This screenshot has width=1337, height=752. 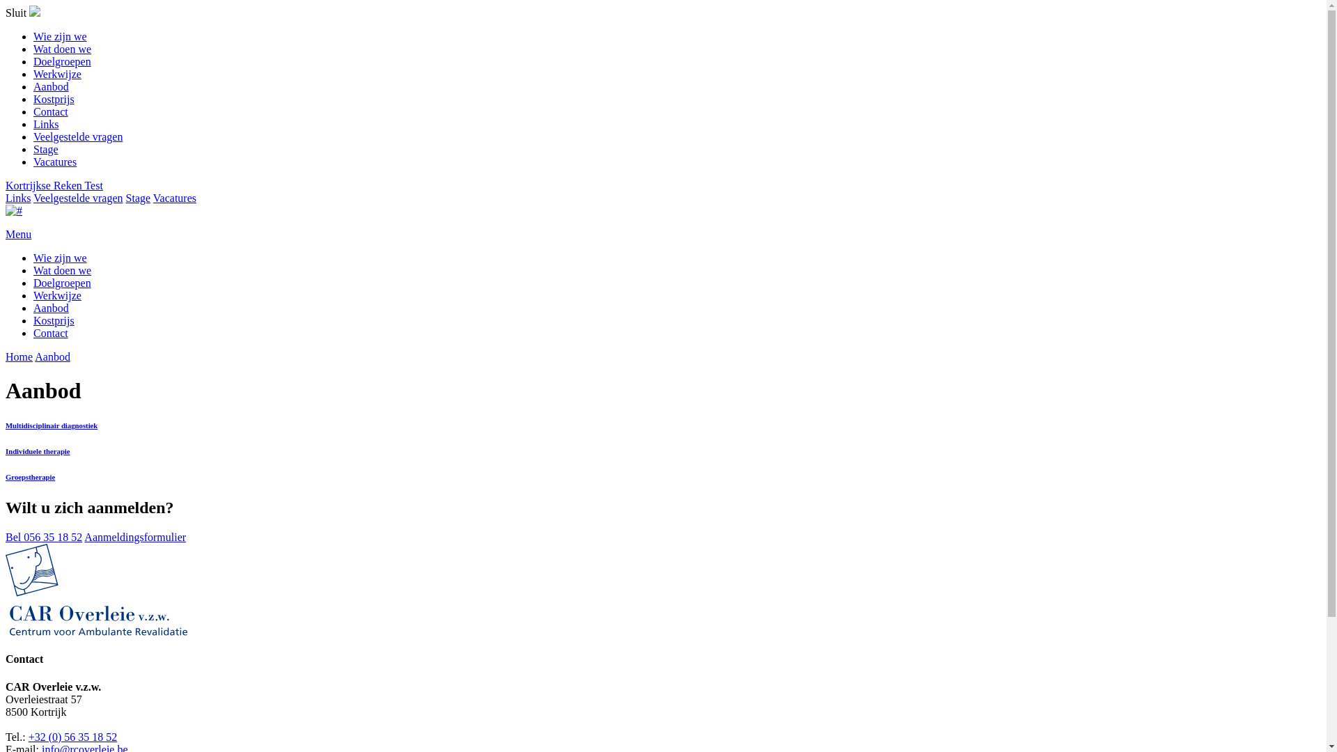 What do you see at coordinates (54, 320) in the screenshot?
I see `'Kostprijs'` at bounding box center [54, 320].